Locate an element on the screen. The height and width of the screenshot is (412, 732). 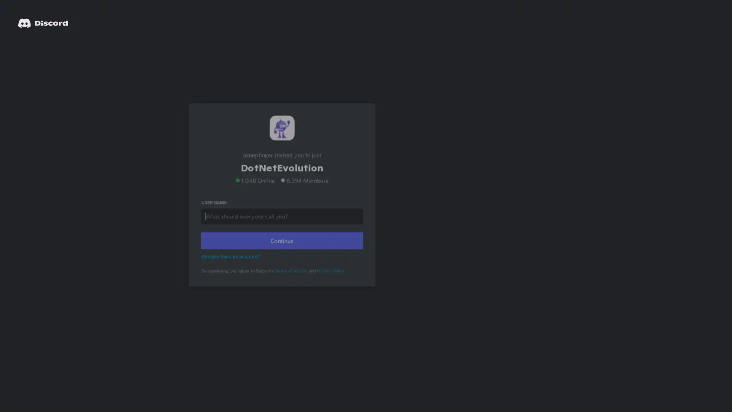
Continue is located at coordinates (281, 250).